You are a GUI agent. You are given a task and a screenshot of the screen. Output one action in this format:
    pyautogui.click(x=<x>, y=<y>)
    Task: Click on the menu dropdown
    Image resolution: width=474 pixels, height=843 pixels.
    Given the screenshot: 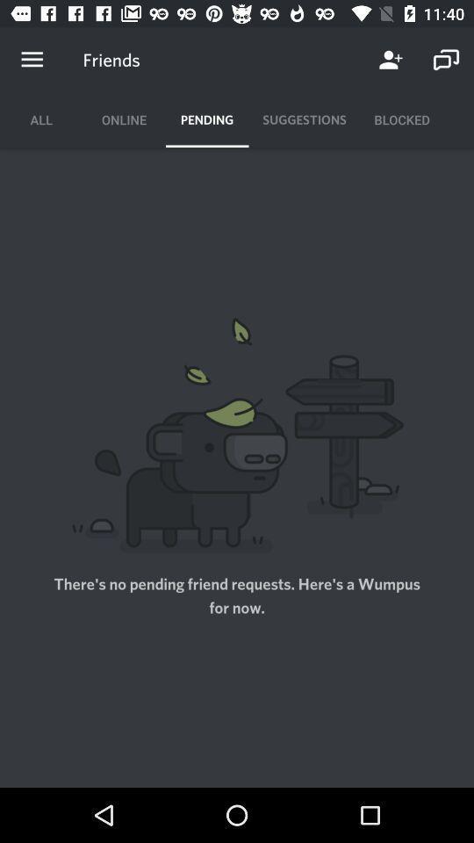 What is the action you would take?
    pyautogui.click(x=32, y=60)
    